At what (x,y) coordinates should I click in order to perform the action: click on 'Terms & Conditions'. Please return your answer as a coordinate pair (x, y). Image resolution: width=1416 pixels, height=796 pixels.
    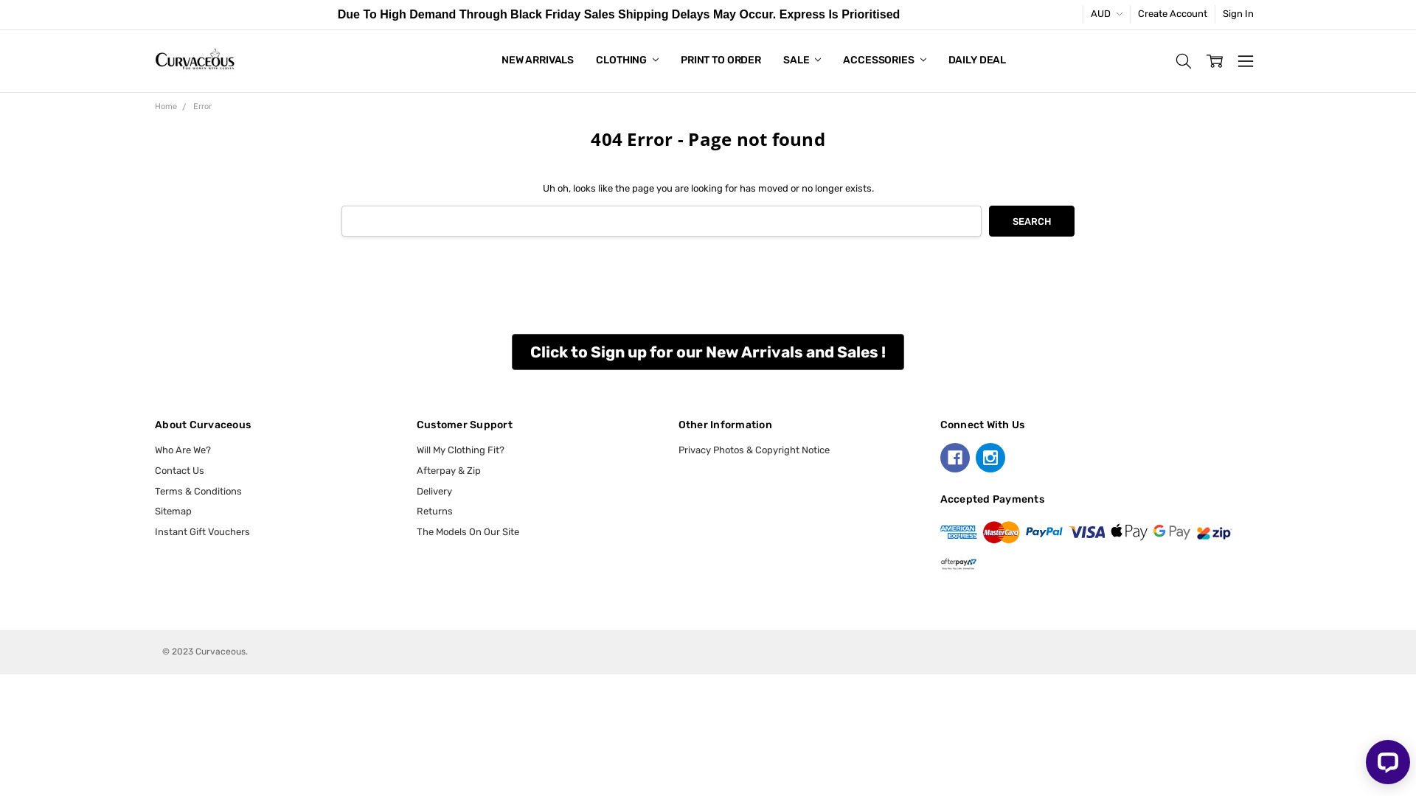
    Looking at the image, I should click on (197, 491).